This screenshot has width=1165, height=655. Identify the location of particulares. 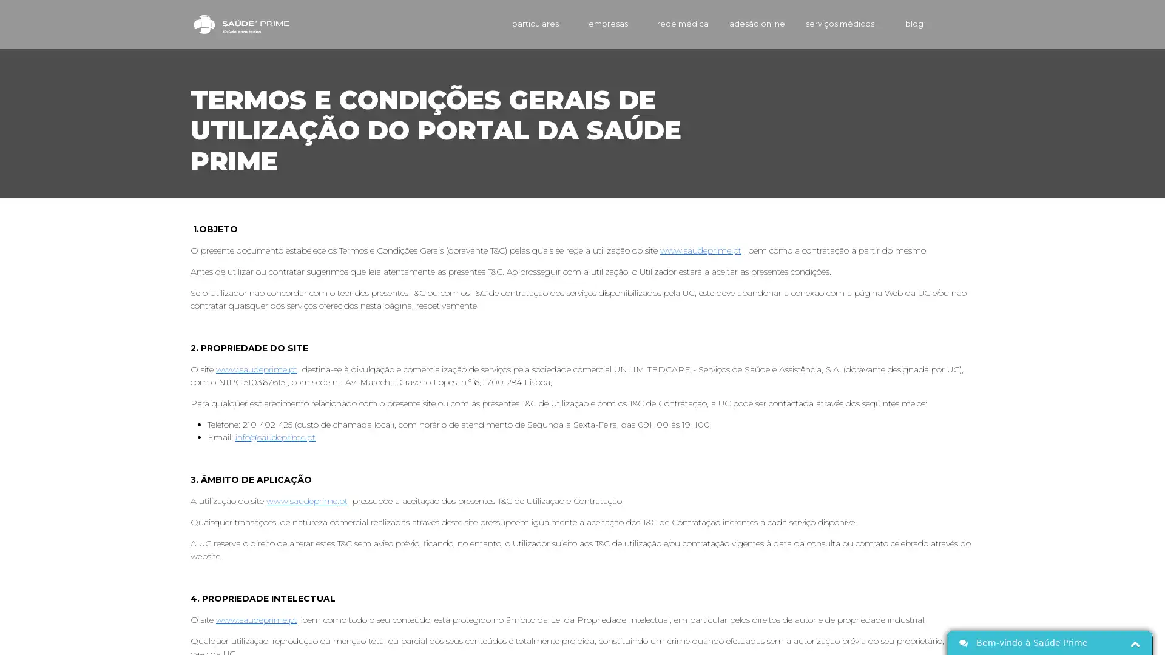
(515, 24).